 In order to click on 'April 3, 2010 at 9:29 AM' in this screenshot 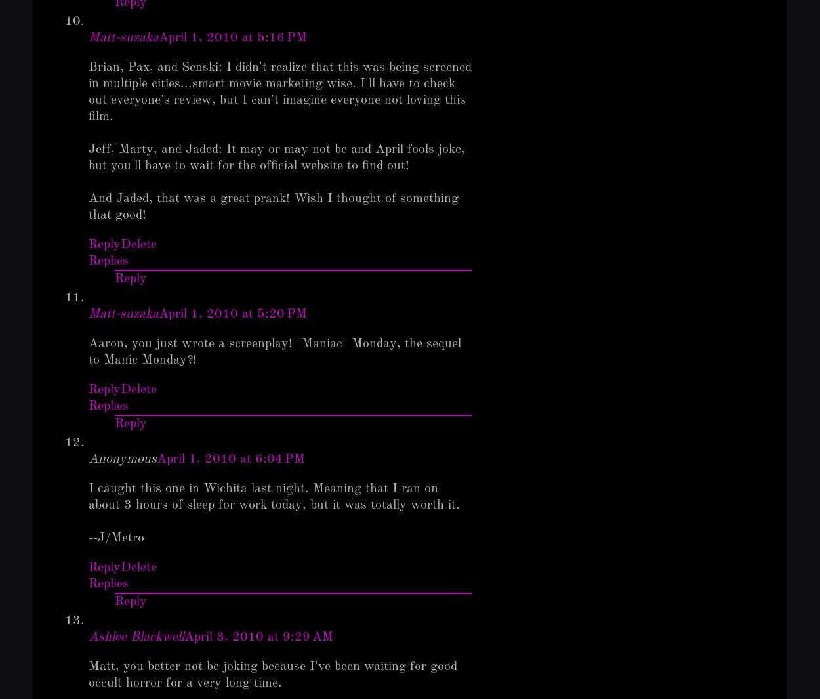, I will do `click(258, 637)`.